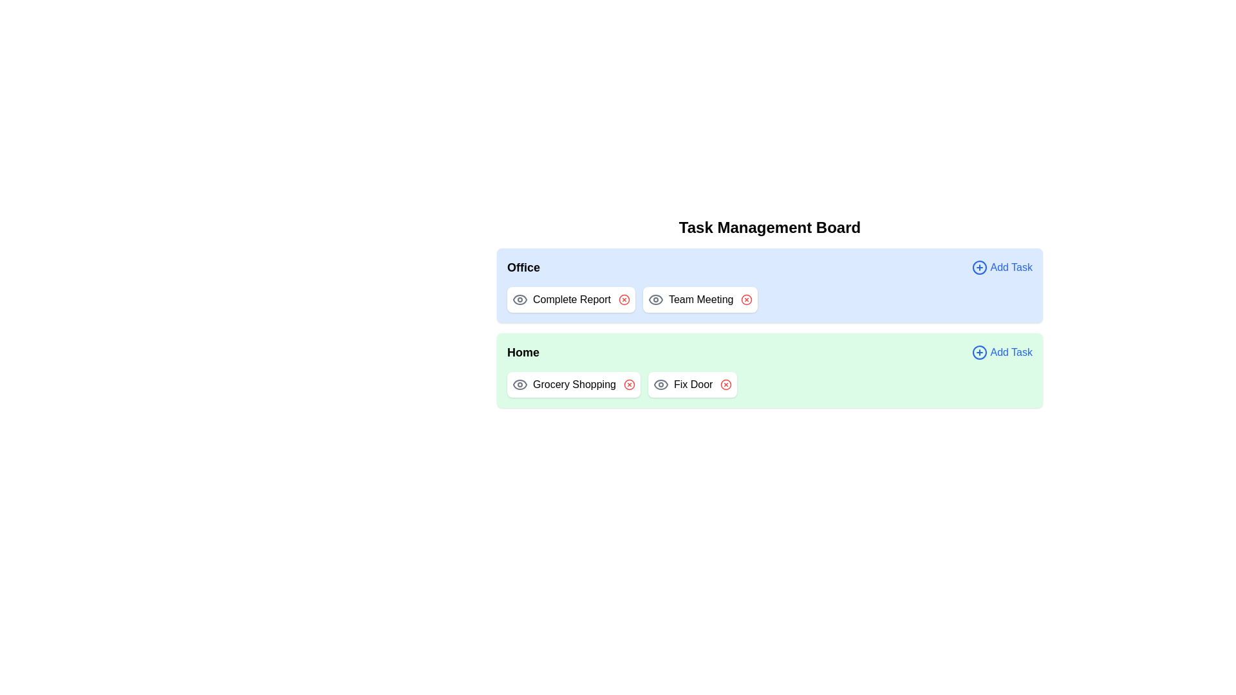 This screenshot has width=1236, height=695. Describe the element at coordinates (700, 300) in the screenshot. I see `the task name Team Meeting to view its details` at that location.